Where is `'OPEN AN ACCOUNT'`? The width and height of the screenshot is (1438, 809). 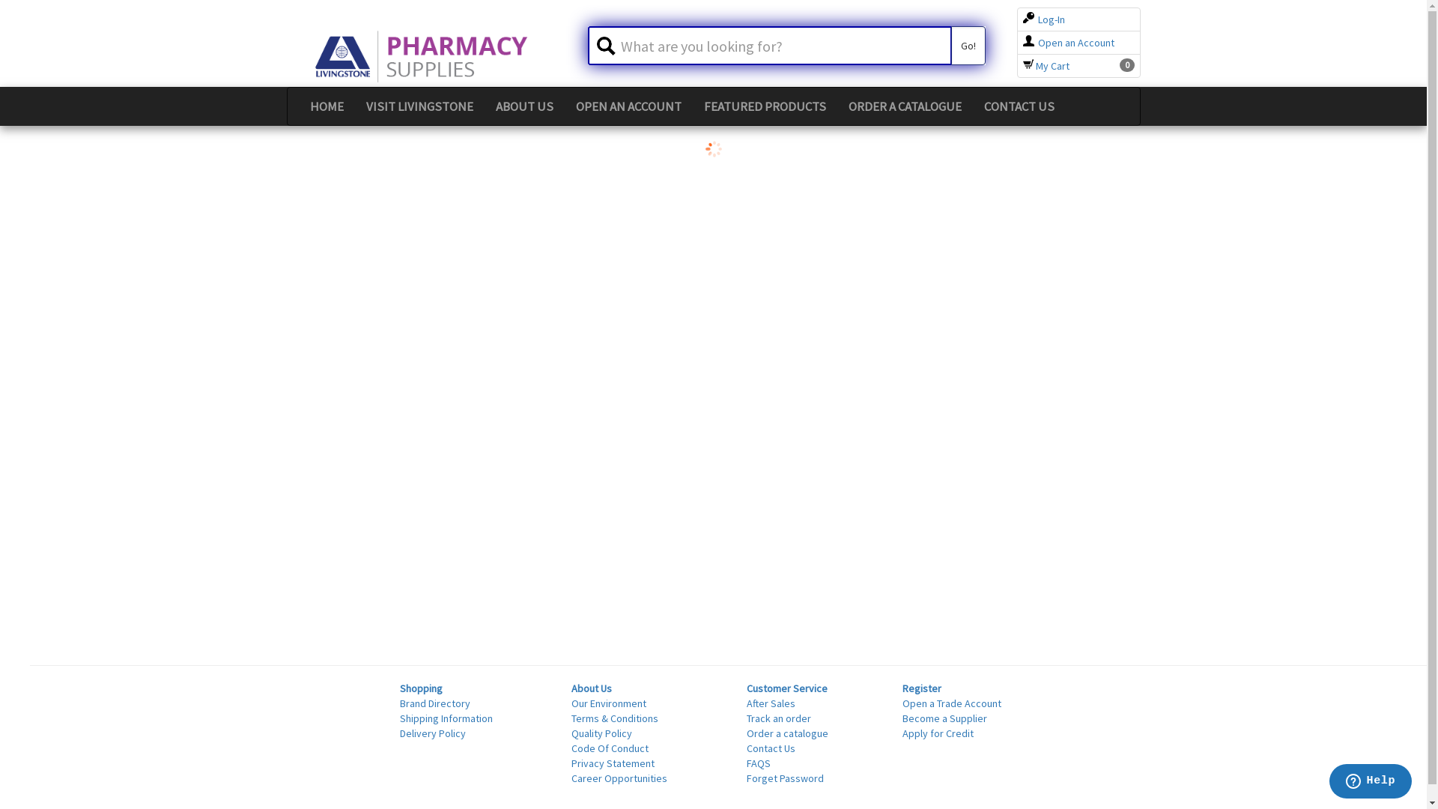
'OPEN AN ACCOUNT' is located at coordinates (628, 106).